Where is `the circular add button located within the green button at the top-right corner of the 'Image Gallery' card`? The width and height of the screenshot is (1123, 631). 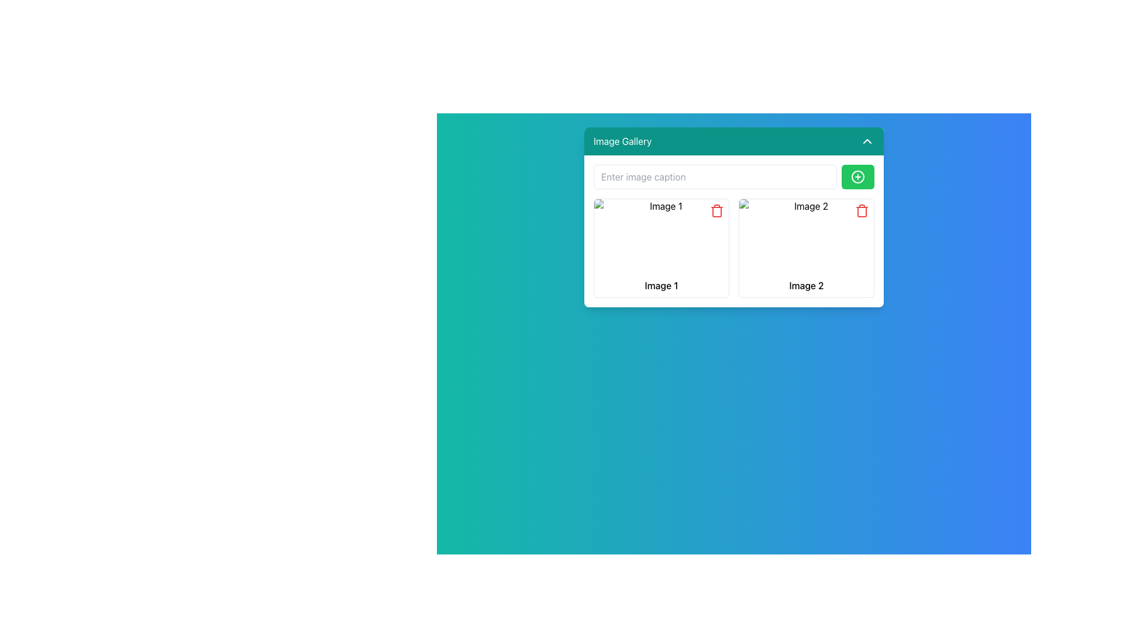 the circular add button located within the green button at the top-right corner of the 'Image Gallery' card is located at coordinates (858, 177).